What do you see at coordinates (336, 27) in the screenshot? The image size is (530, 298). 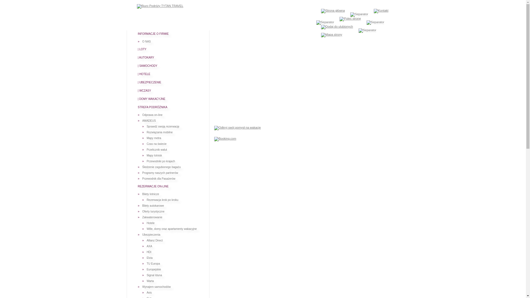 I see `'Dodaj do ulubionych'` at bounding box center [336, 27].